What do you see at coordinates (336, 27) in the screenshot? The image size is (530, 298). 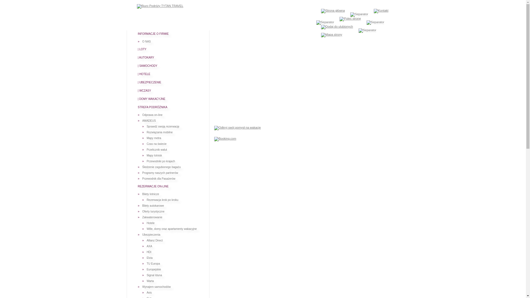 I see `'Dodaj do ulubionych'` at bounding box center [336, 27].